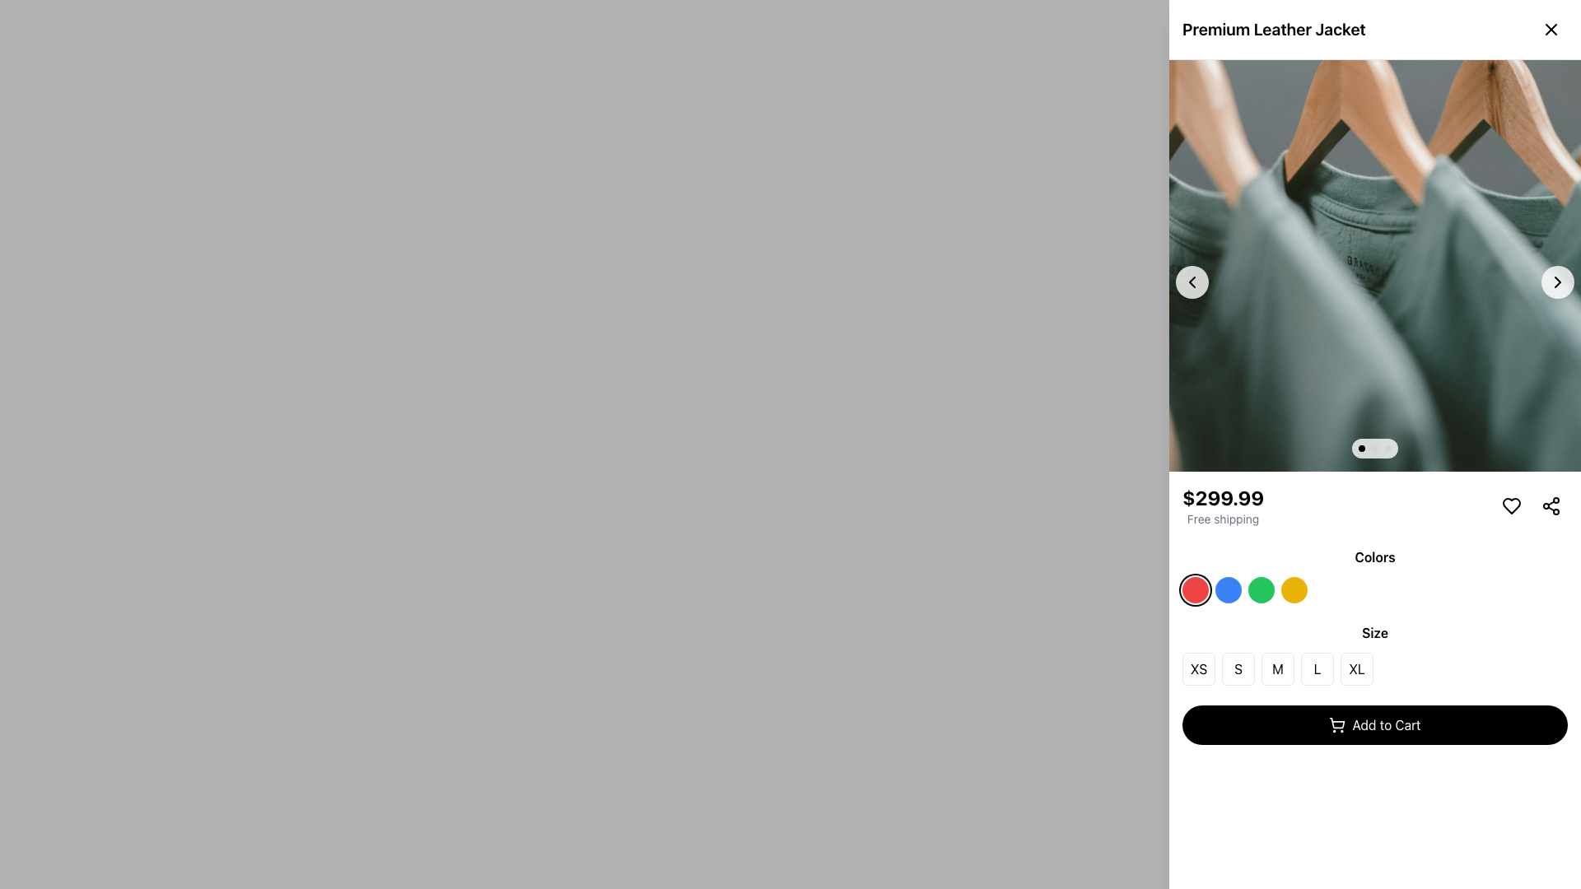 Image resolution: width=1581 pixels, height=889 pixels. Describe the element at coordinates (1192, 282) in the screenshot. I see `the chevron-left icon in the top-right navigation area` at that location.